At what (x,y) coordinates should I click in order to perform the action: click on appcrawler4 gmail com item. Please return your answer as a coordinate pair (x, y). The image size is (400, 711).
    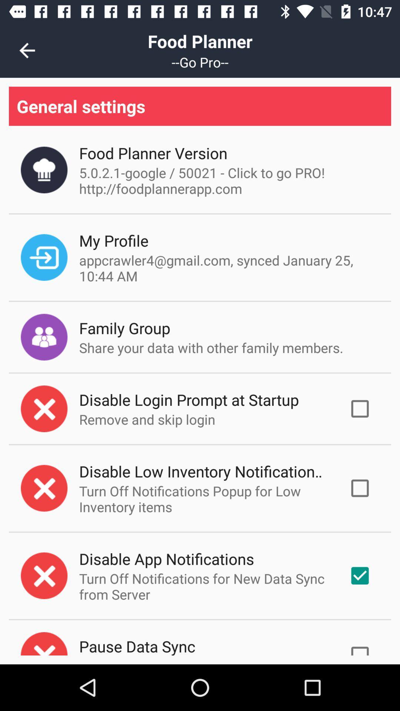
    Looking at the image, I should click on (227, 268).